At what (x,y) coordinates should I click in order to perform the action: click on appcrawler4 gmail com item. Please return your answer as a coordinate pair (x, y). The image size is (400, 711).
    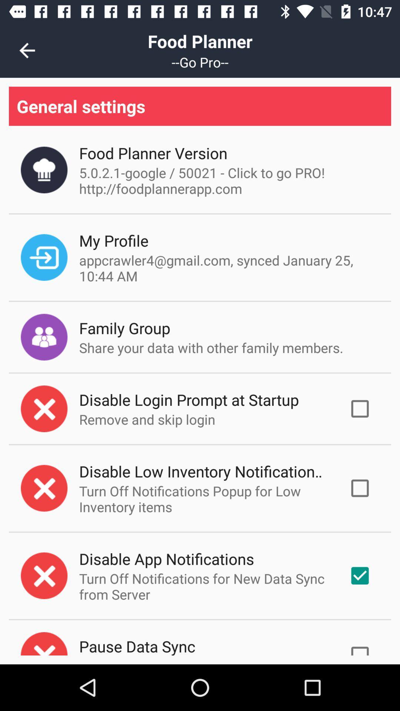
    Looking at the image, I should click on (227, 268).